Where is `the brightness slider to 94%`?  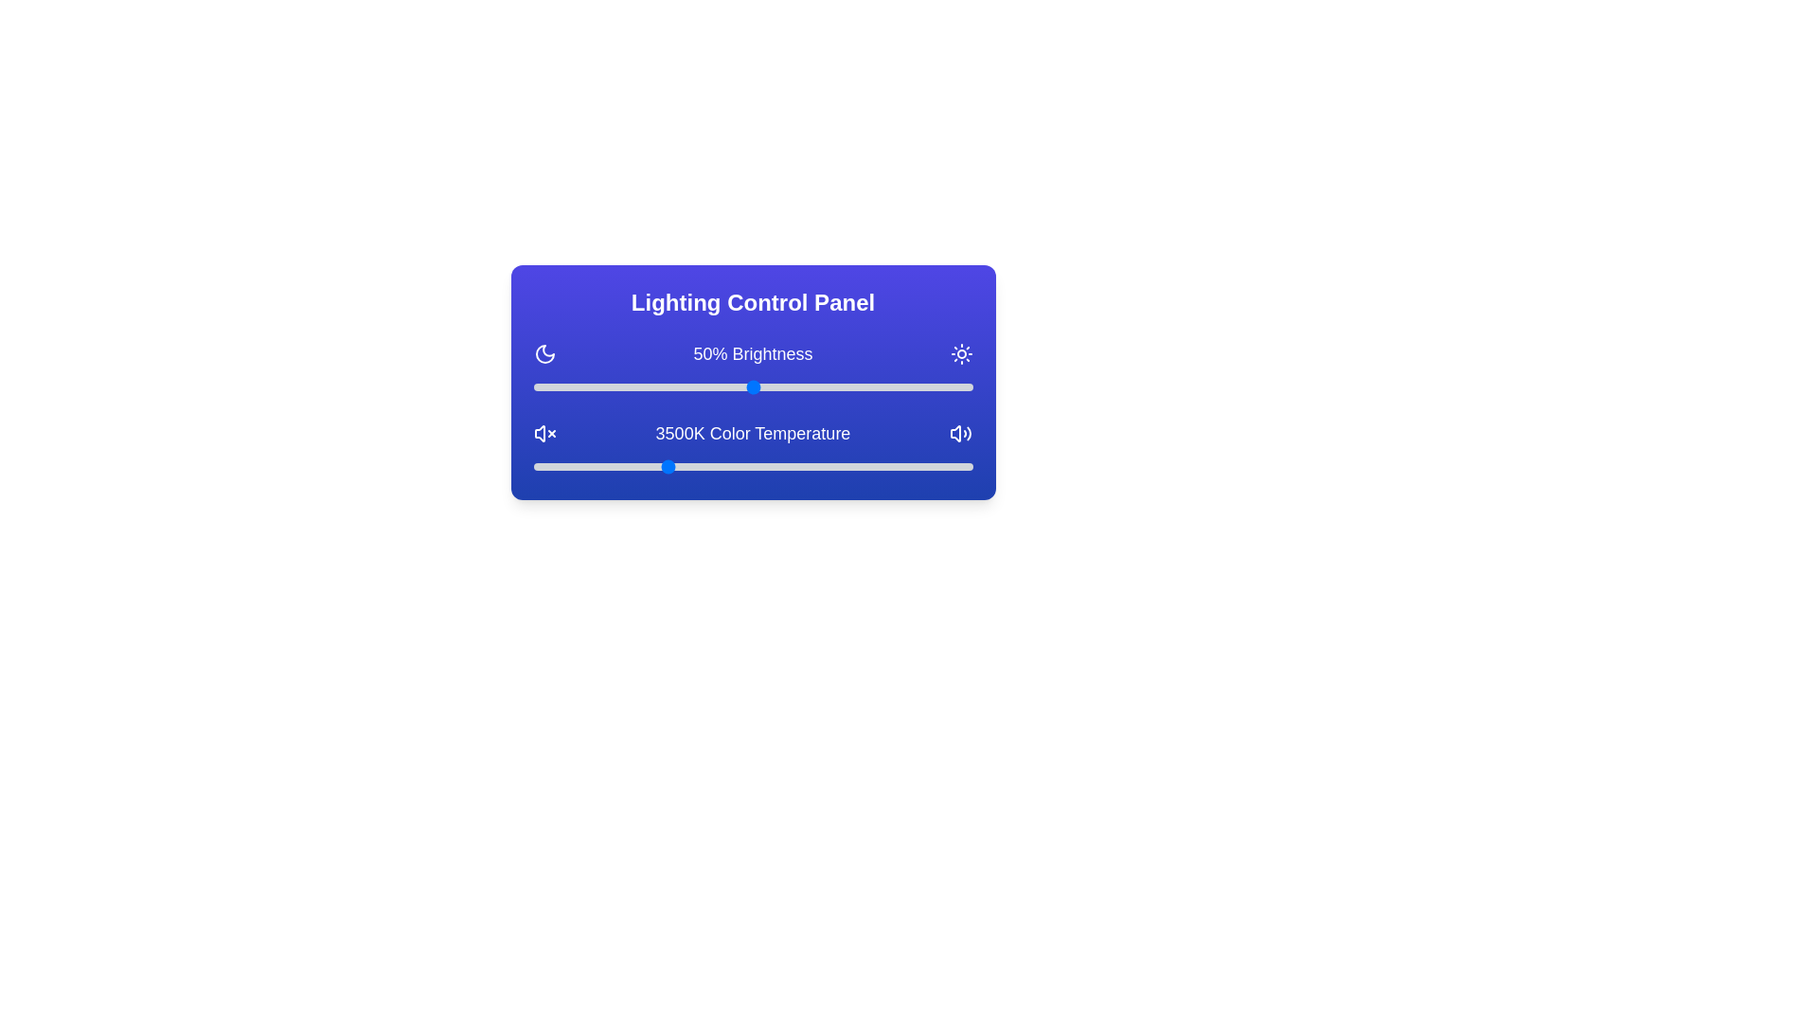 the brightness slider to 94% is located at coordinates (946, 386).